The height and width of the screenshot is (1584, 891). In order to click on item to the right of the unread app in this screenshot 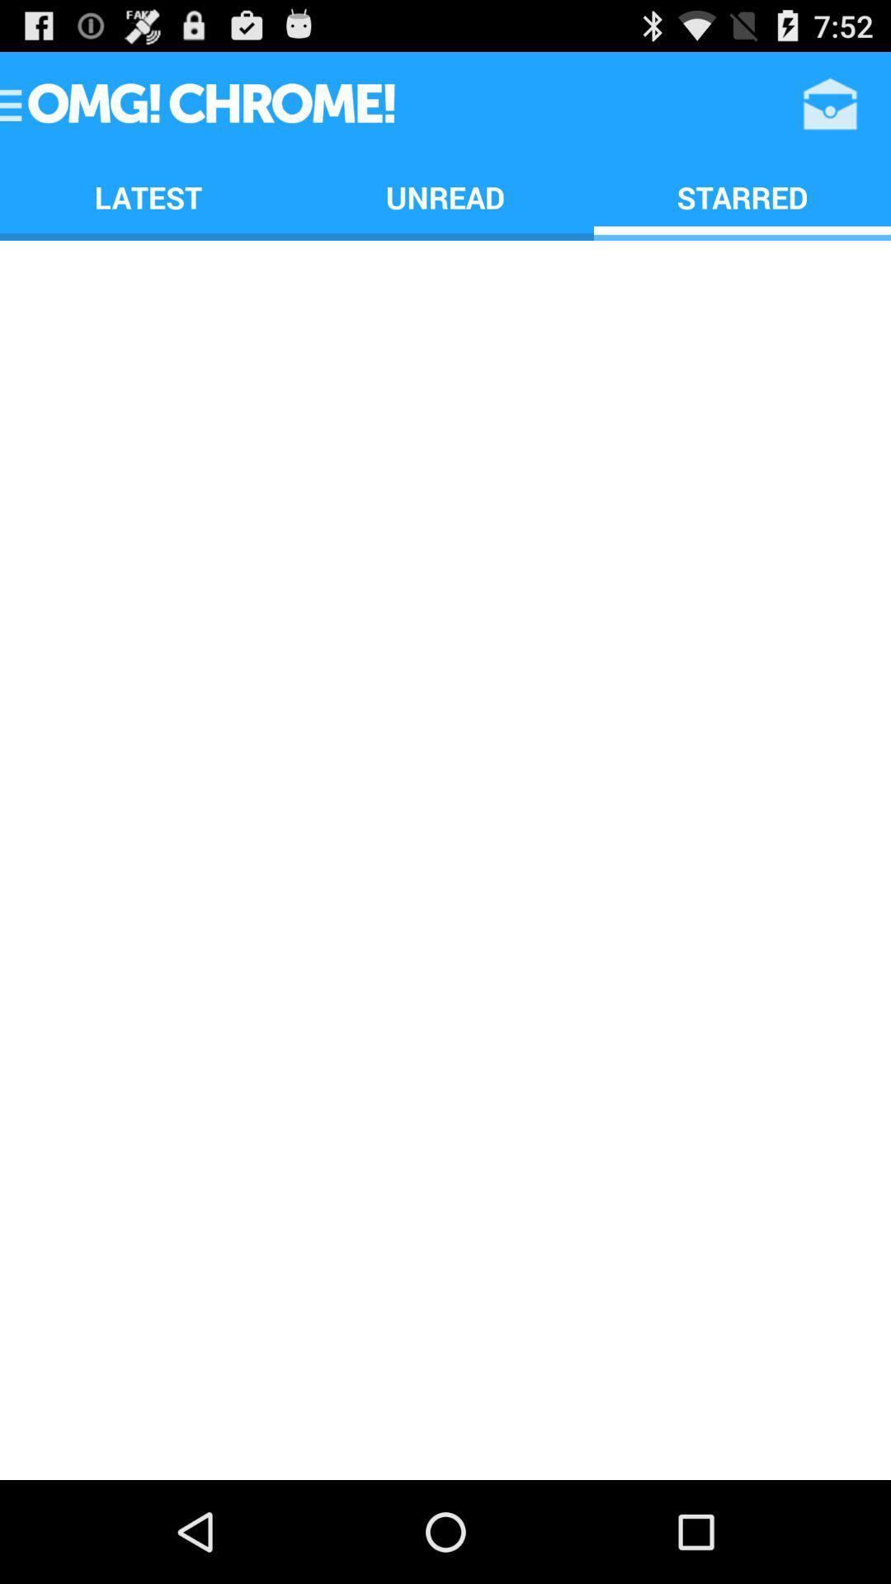, I will do `click(741, 197)`.